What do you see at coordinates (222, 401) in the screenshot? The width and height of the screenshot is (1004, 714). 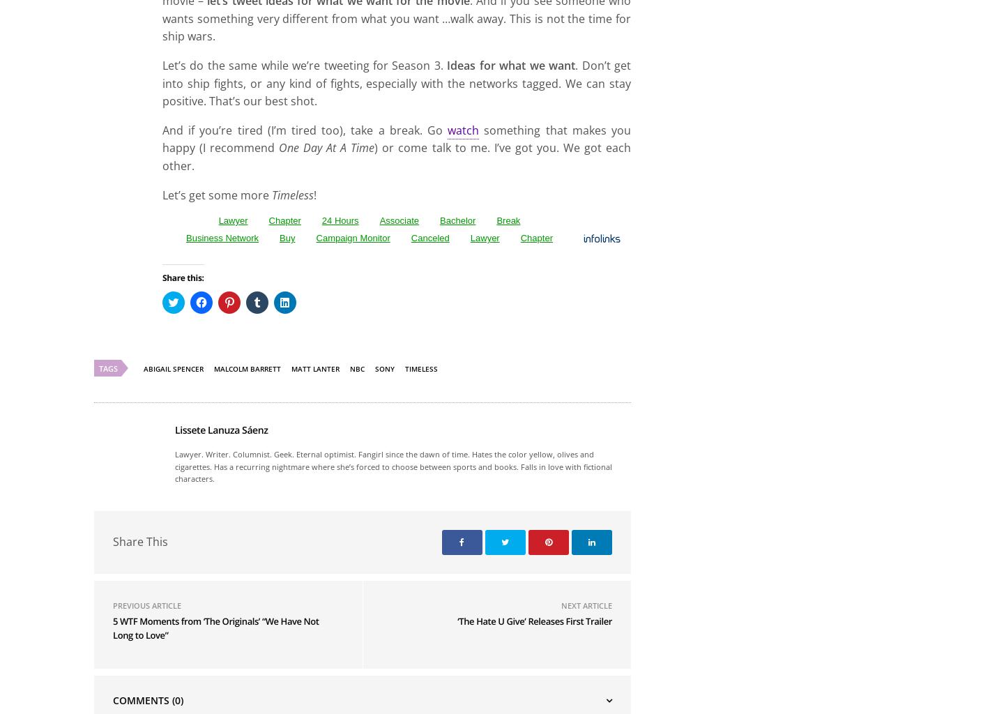 I see `'Business Network'` at bounding box center [222, 401].